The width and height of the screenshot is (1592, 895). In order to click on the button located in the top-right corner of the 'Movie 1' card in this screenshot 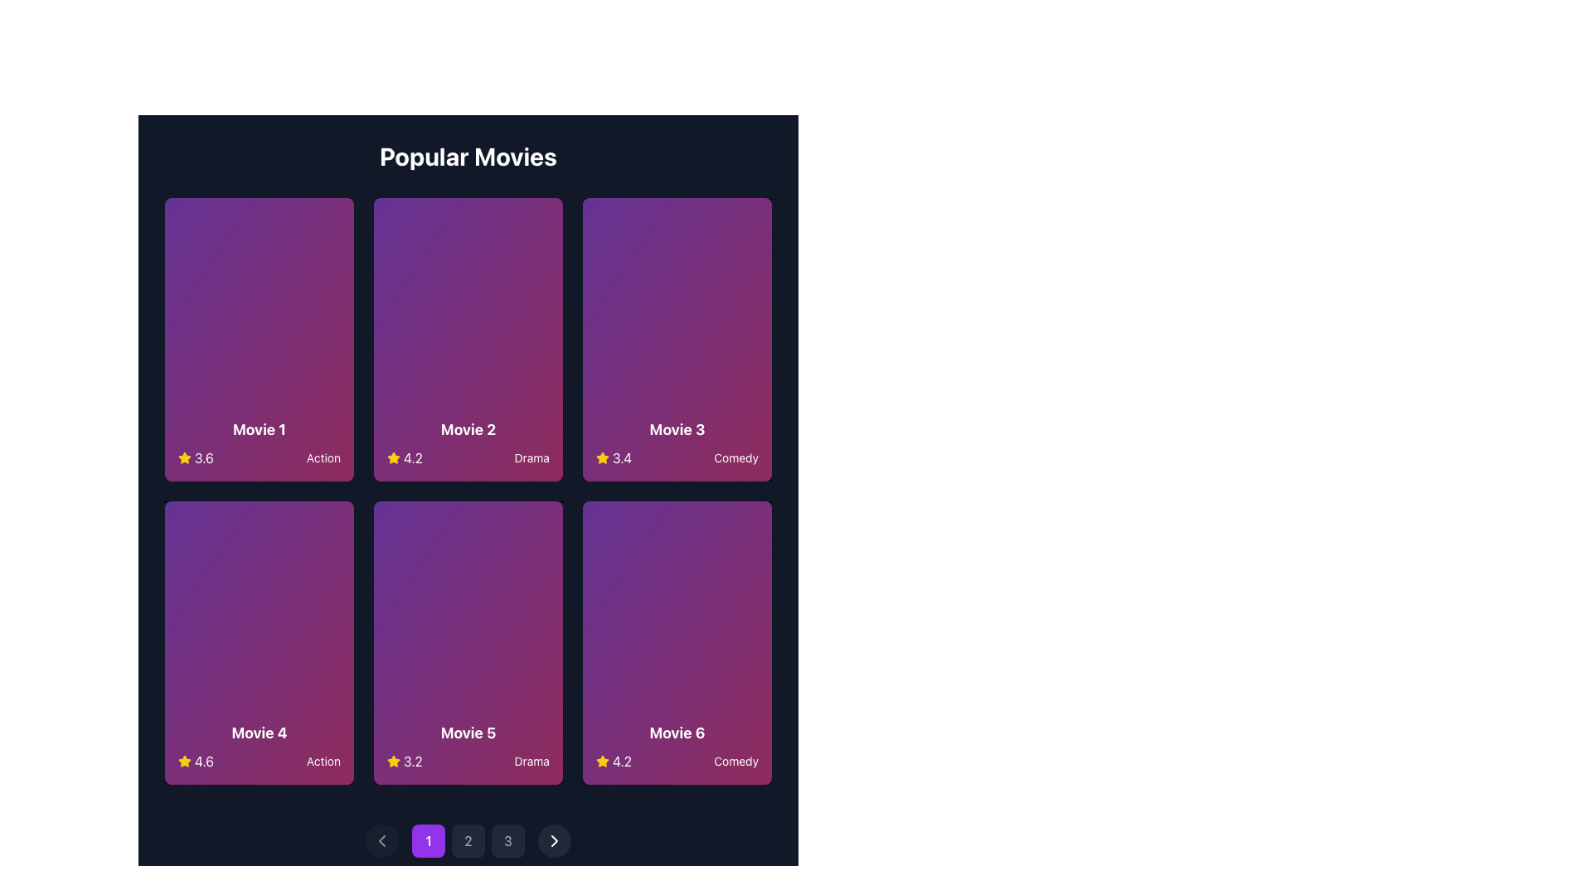, I will do `click(326, 226)`.